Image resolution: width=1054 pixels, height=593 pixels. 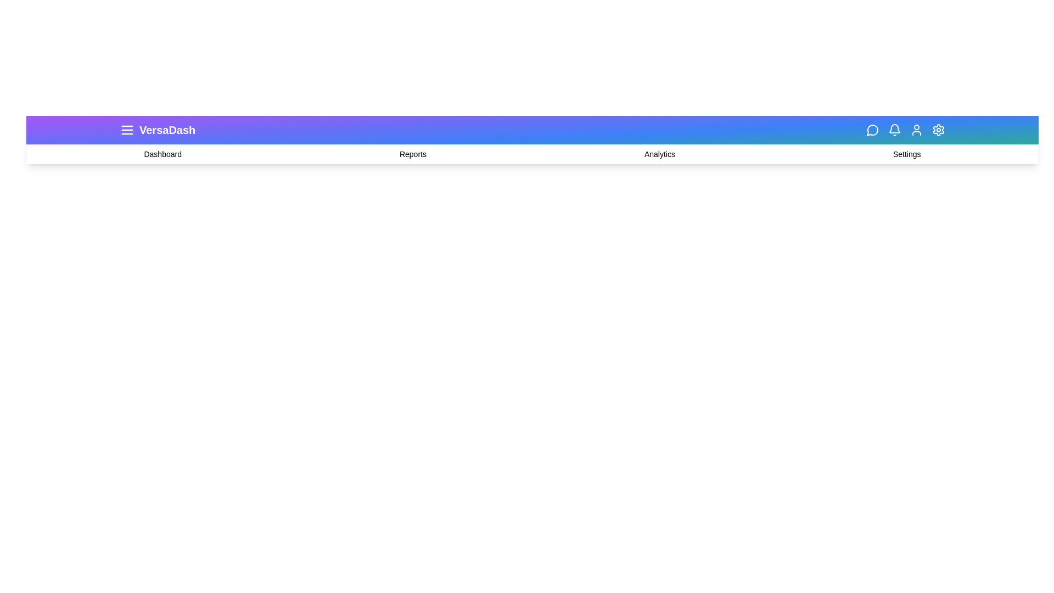 I want to click on the 'Bell' icon to trigger its associated action, so click(x=895, y=129).